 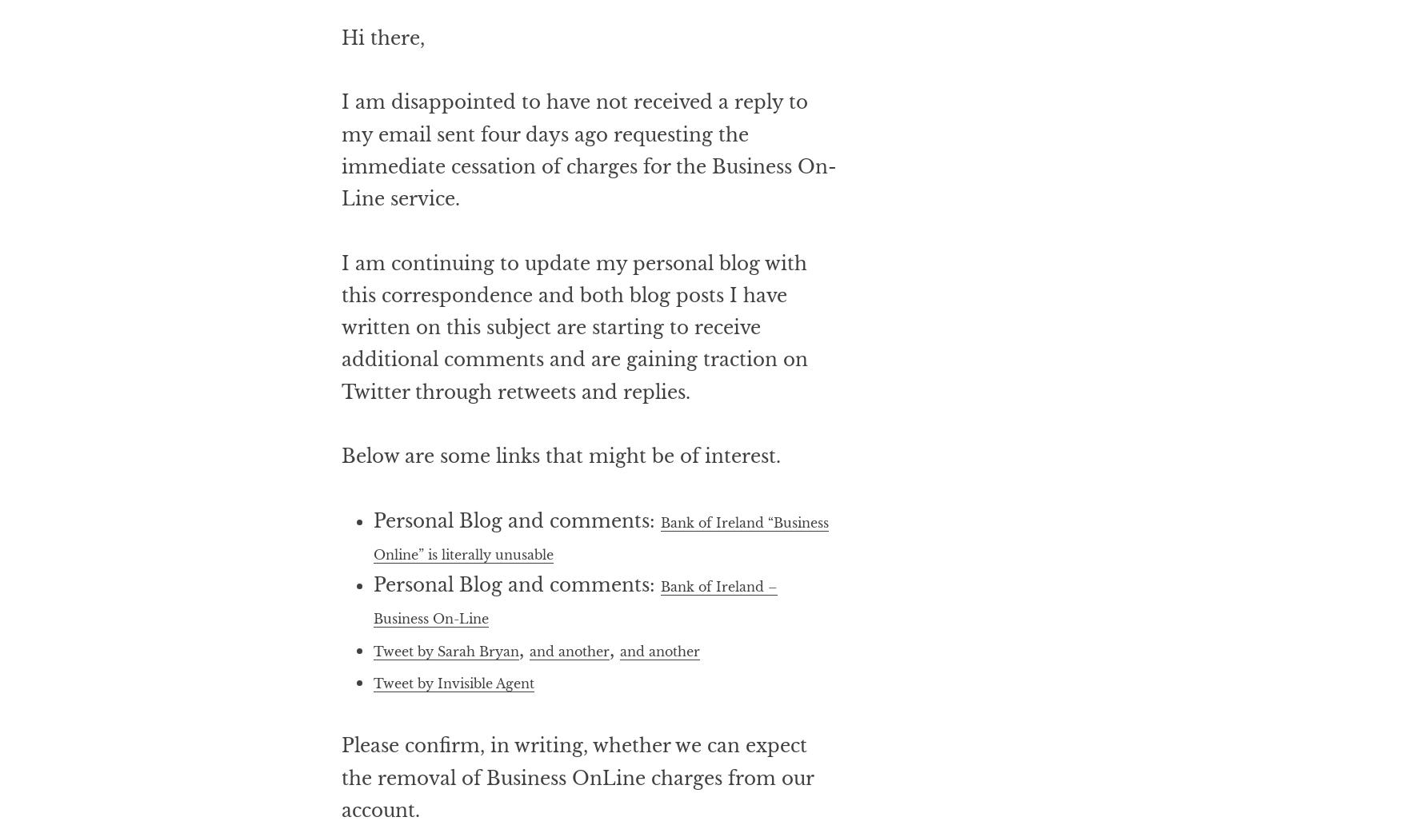 I want to click on 'Below are some links that might be of interest.', so click(x=559, y=520).